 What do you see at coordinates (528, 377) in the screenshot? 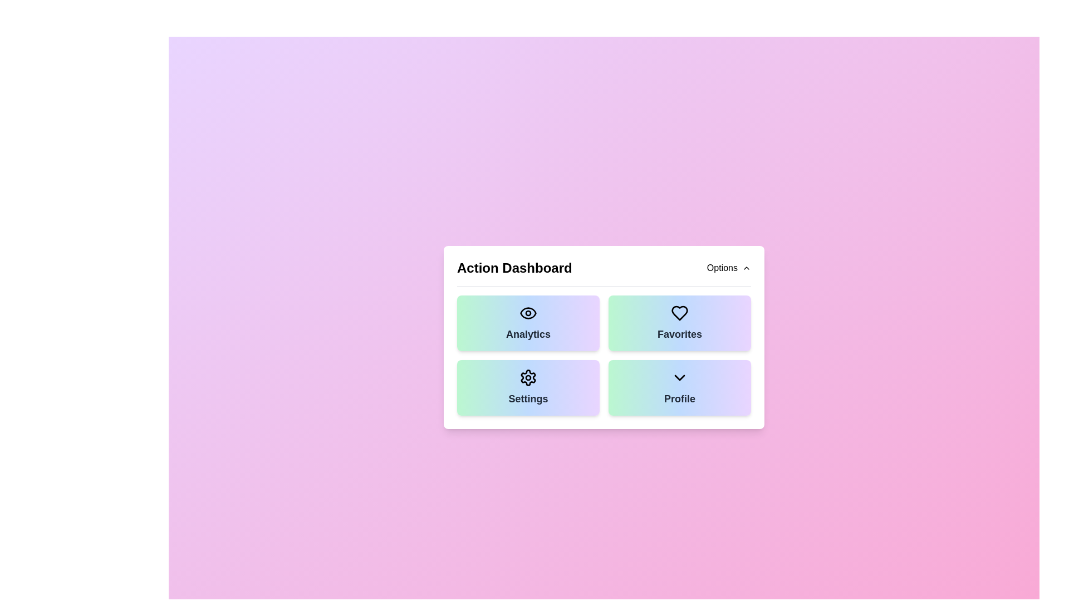
I see `the static icon` at bounding box center [528, 377].